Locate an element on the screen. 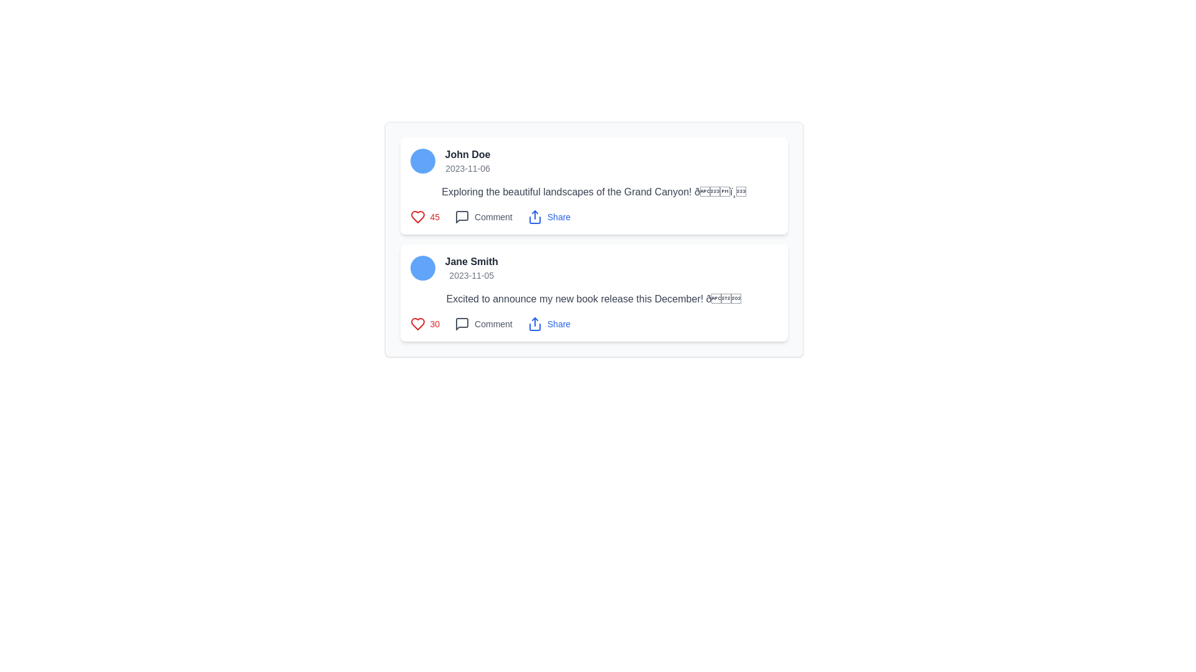  the heart-shaped icon located at the leftmost part of the action bar of the first post to like or unlike the post is located at coordinates (417, 216).